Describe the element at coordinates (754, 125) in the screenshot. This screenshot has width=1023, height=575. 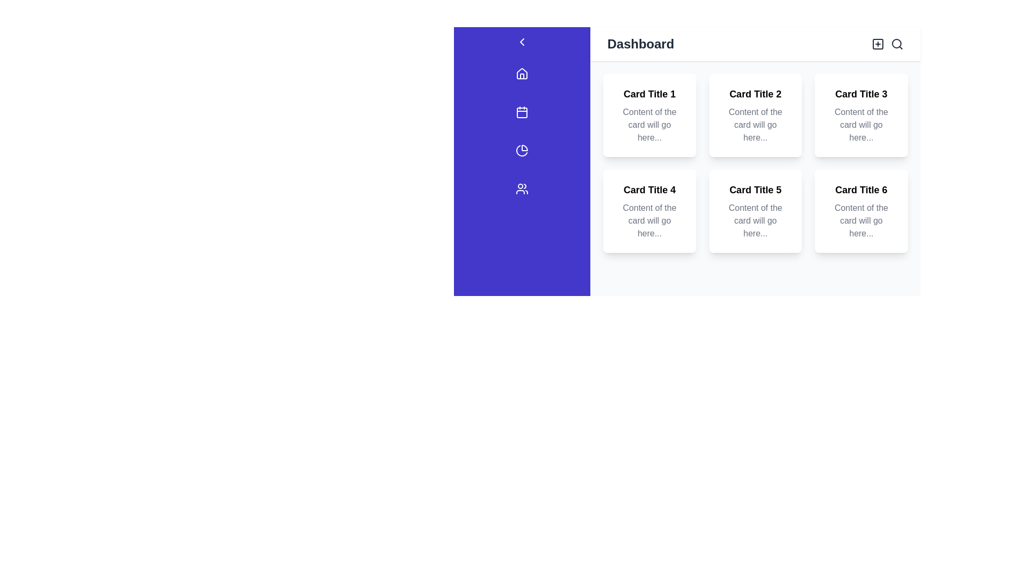
I see `the gray-colored static text element that contains the content 'Content of the card will go here...' located within the second card titled 'Card Title 2'` at that location.